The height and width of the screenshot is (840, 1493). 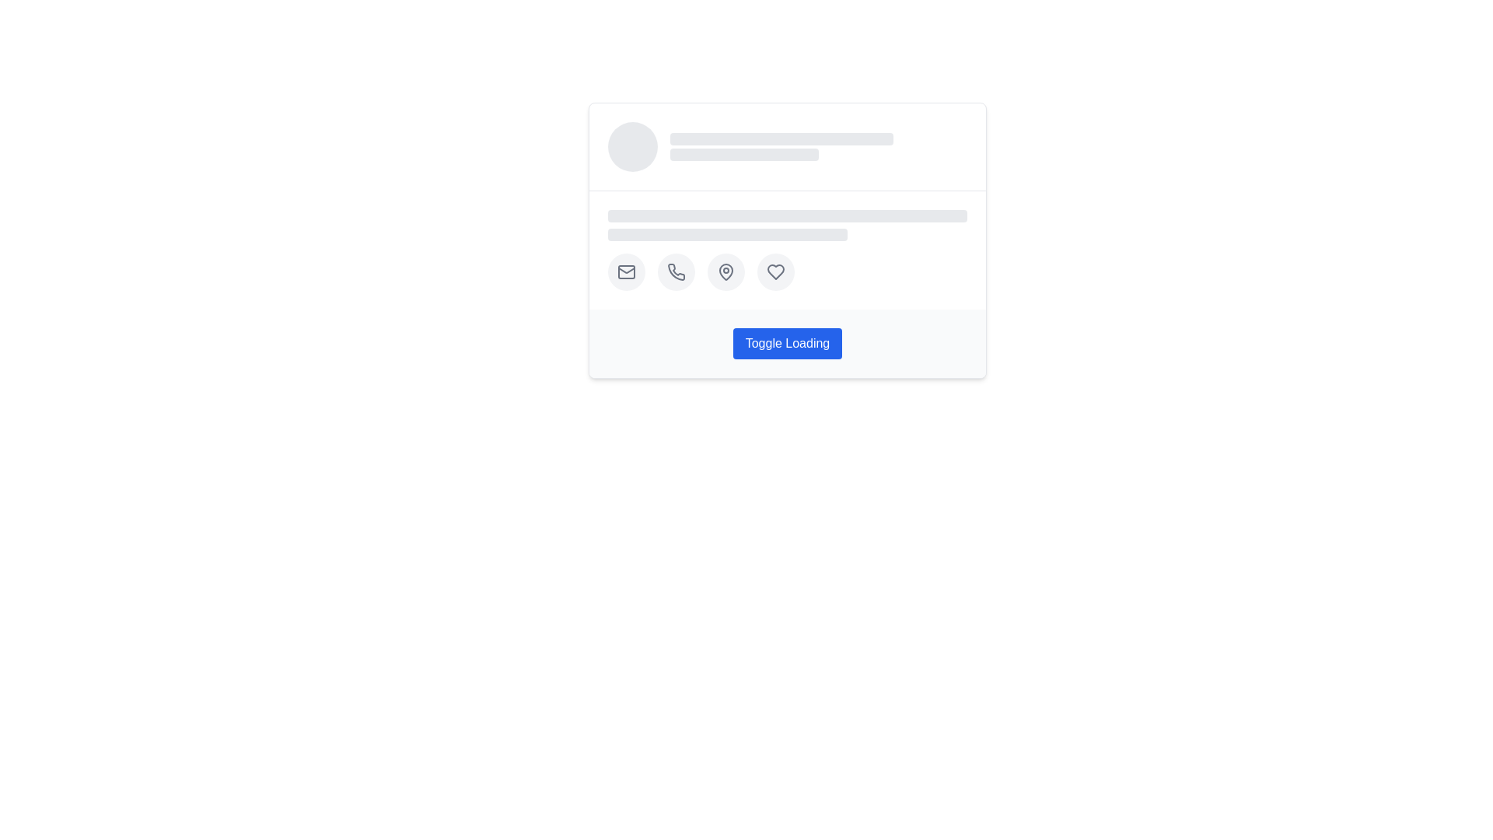 I want to click on the first icon in the horizontal row of circular buttons representing an email-related action, so click(x=627, y=271).